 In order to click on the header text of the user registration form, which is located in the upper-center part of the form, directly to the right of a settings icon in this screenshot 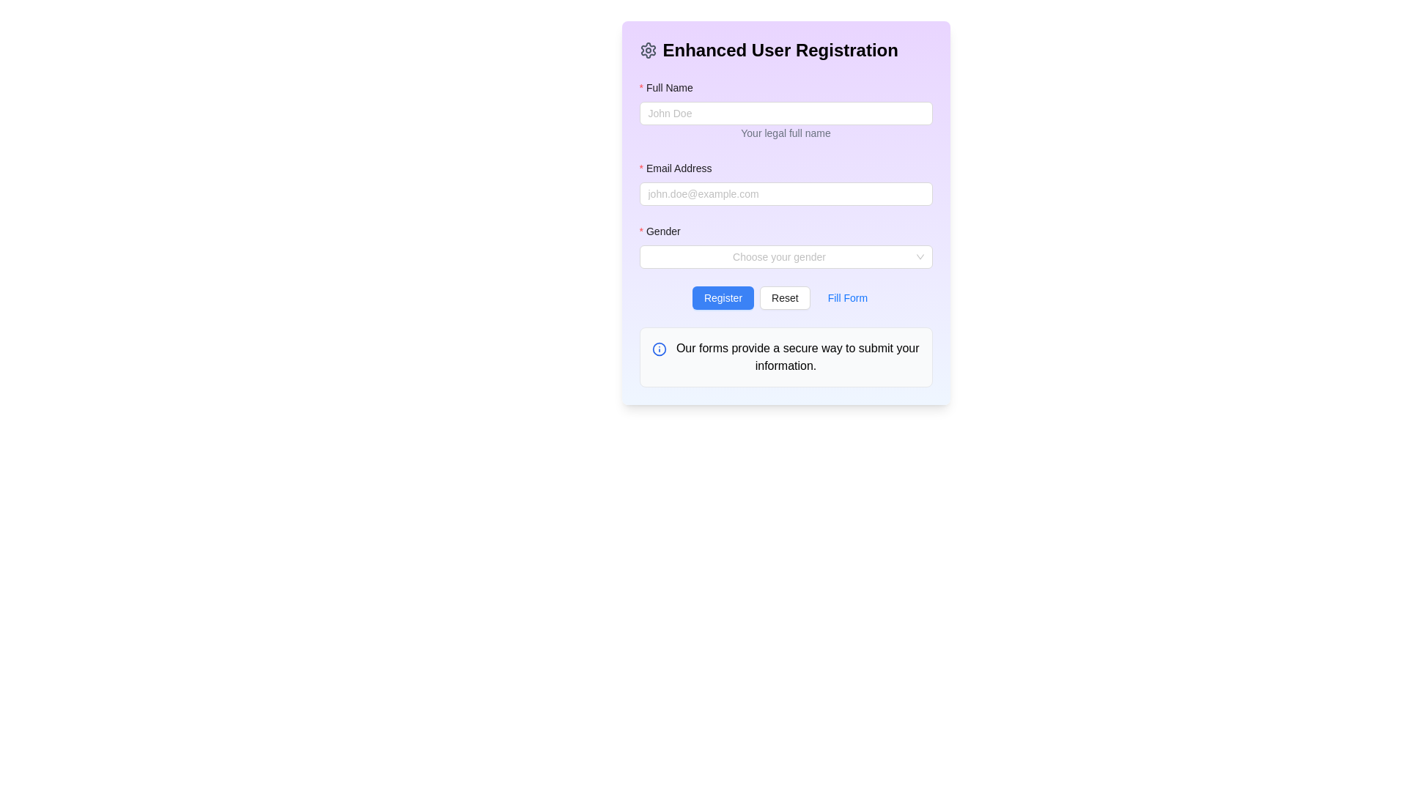, I will do `click(780, 50)`.